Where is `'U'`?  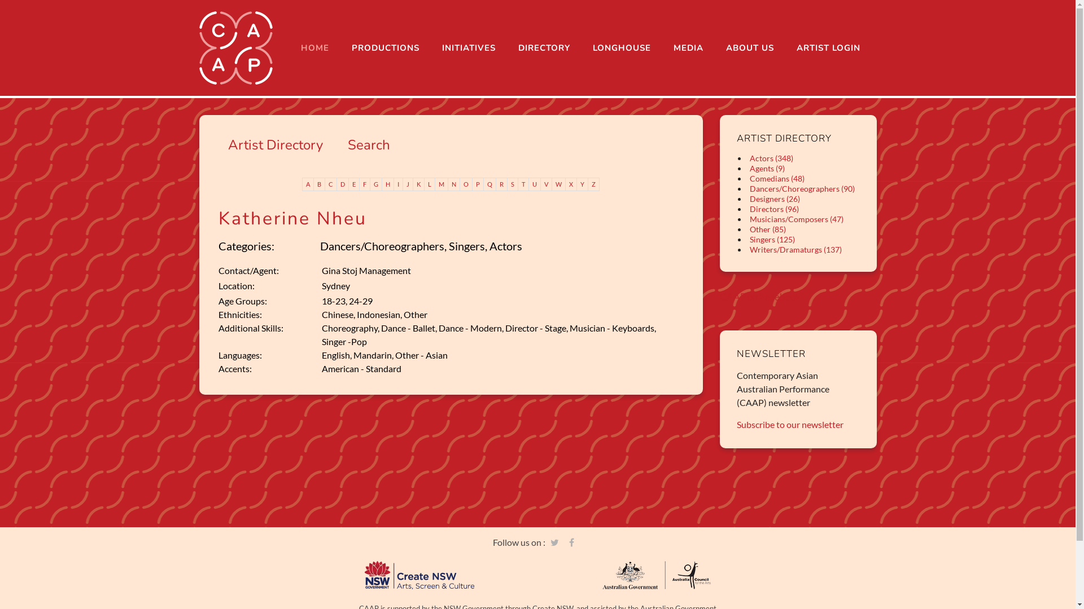
'U' is located at coordinates (534, 184).